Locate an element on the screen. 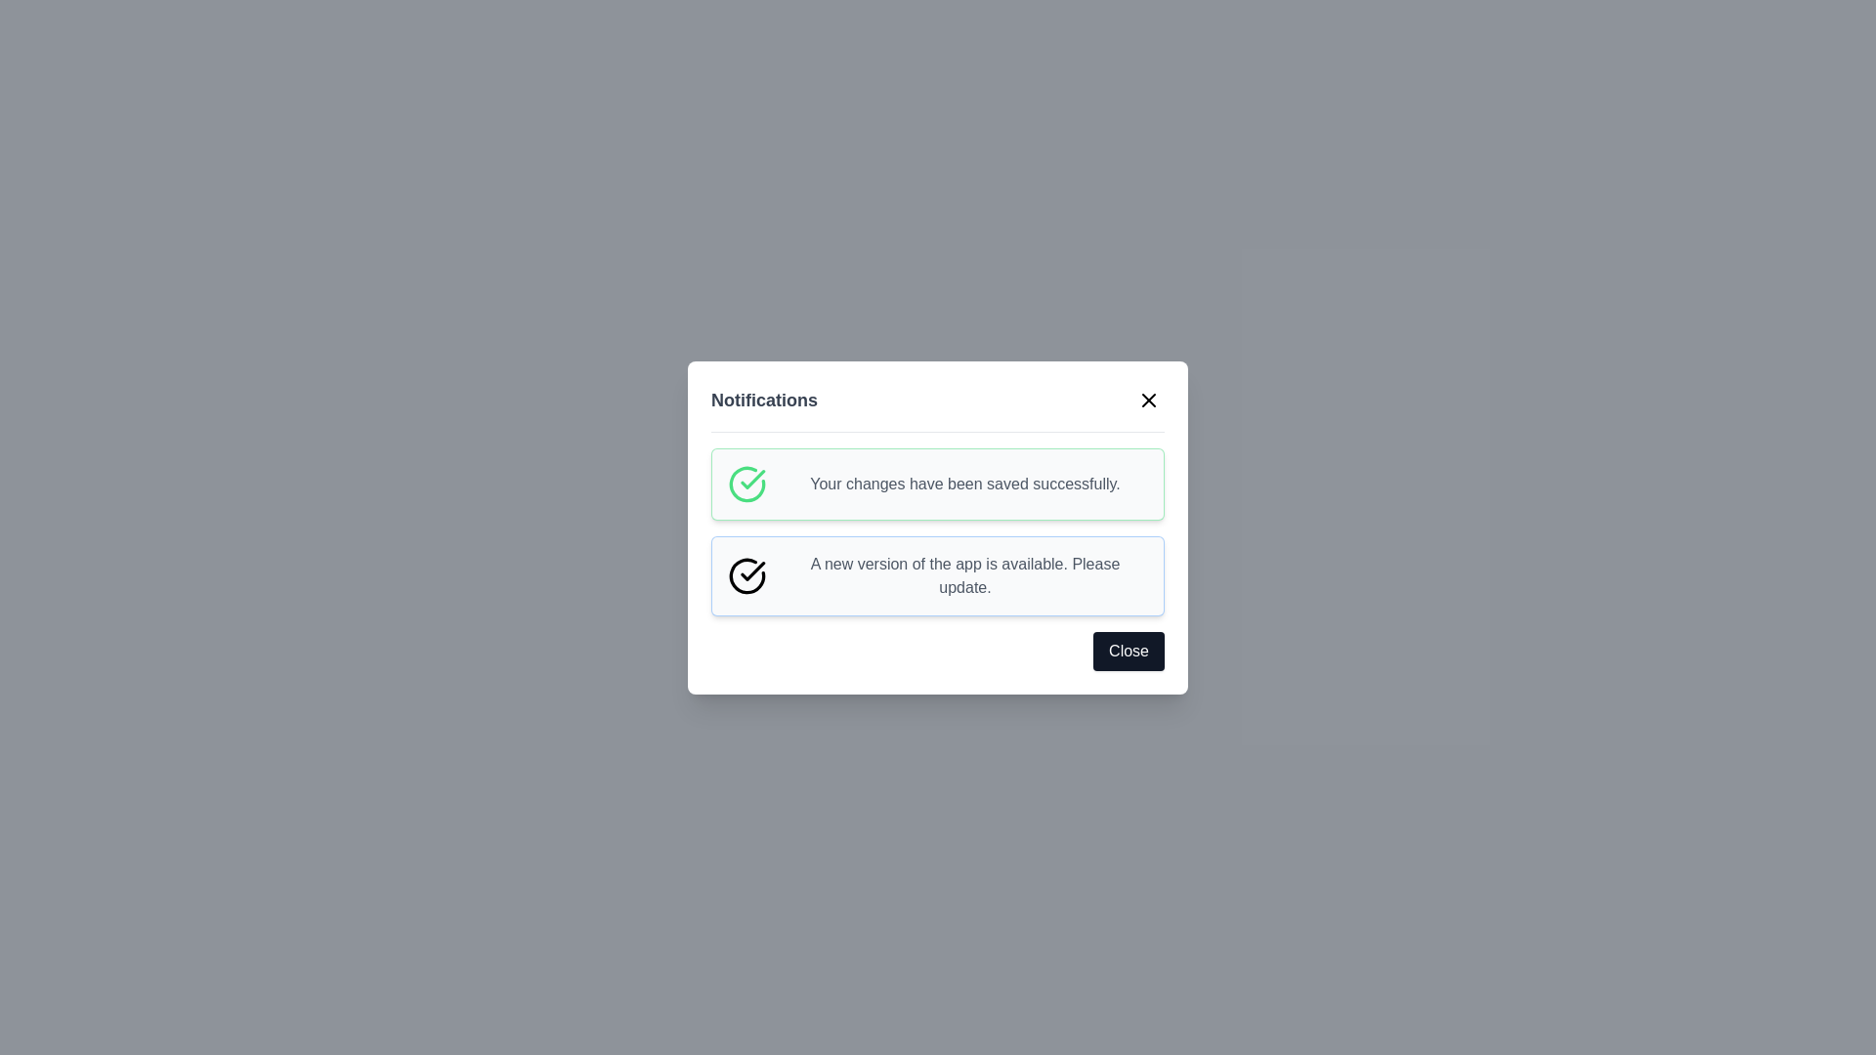  the close button located in the bottom-right corner of the modal dialog is located at coordinates (1129, 651).